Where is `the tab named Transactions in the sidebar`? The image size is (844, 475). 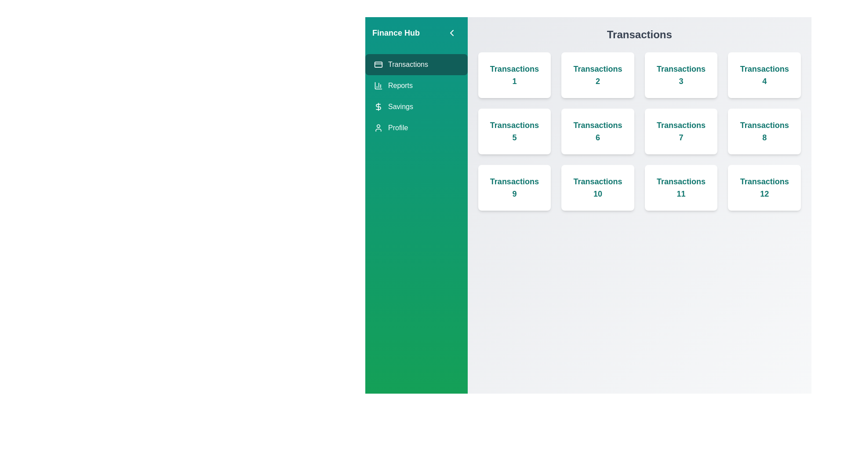 the tab named Transactions in the sidebar is located at coordinates (415, 64).